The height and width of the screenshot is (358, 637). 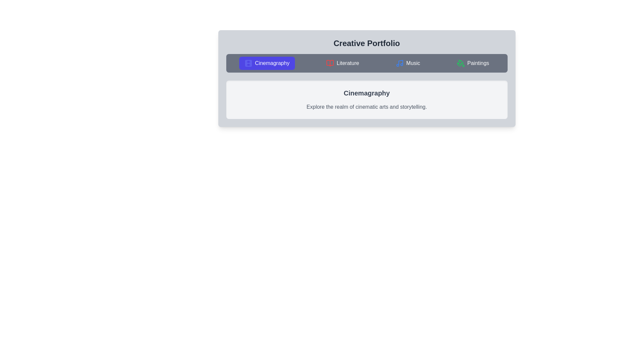 I want to click on the tab labeled Music to activate it, so click(x=407, y=63).